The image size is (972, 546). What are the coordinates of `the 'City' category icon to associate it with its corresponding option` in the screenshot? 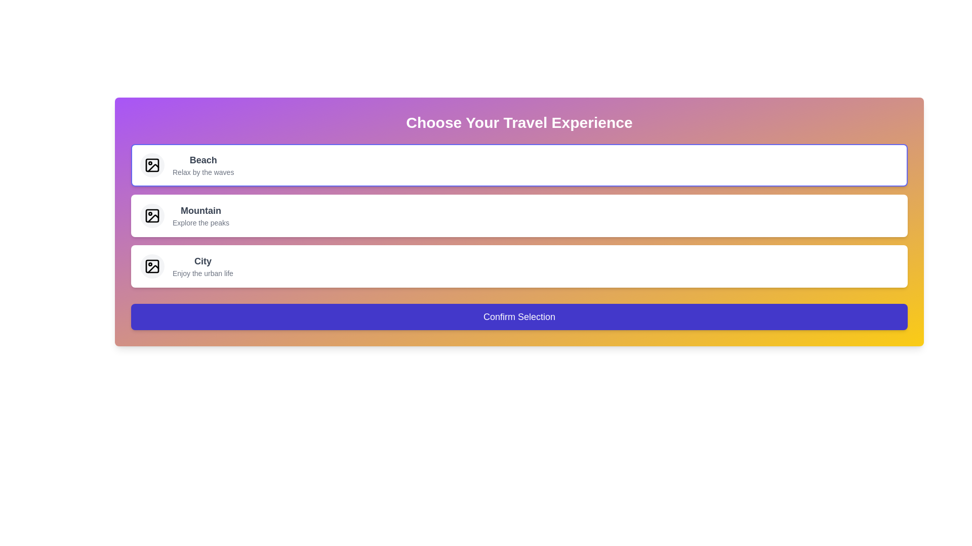 It's located at (152, 266).